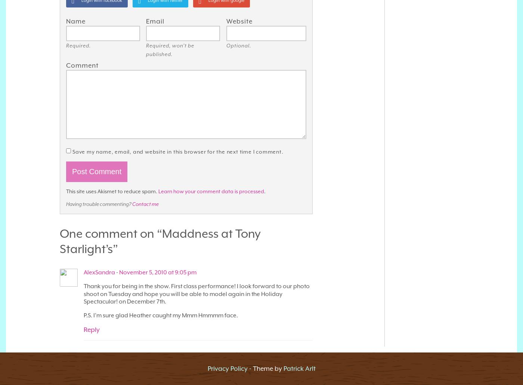  I want to click on 'Comment', so click(66, 65).